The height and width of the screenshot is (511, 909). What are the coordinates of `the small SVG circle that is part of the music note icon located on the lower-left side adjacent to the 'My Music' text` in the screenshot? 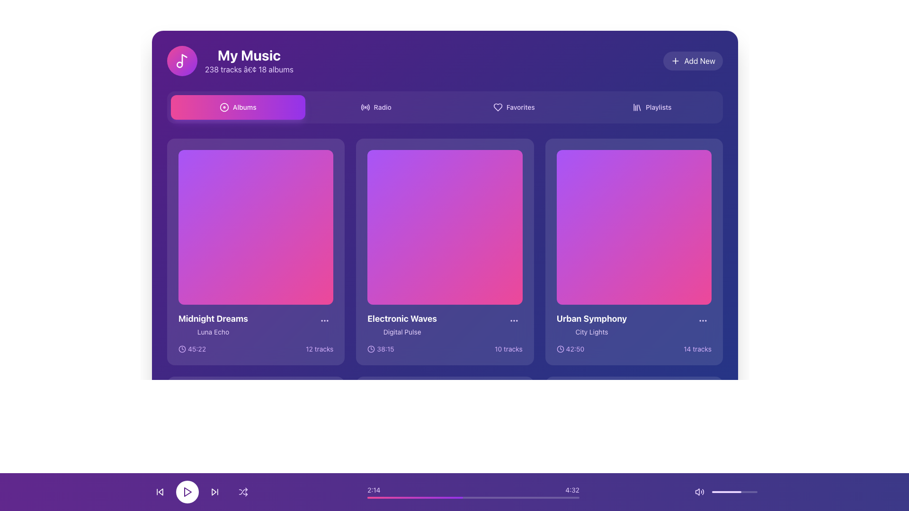 It's located at (179, 64).